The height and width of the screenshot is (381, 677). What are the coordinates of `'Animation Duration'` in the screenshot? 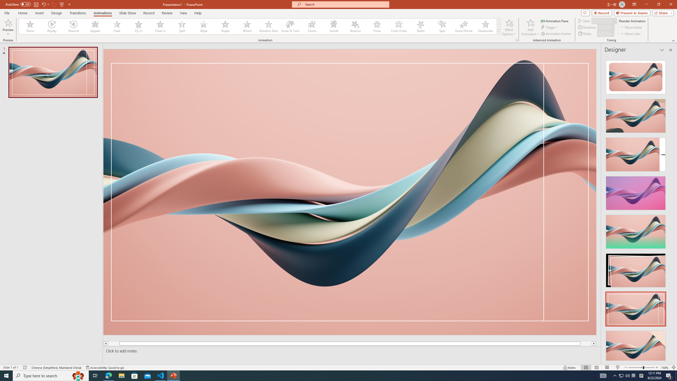 It's located at (603, 27).